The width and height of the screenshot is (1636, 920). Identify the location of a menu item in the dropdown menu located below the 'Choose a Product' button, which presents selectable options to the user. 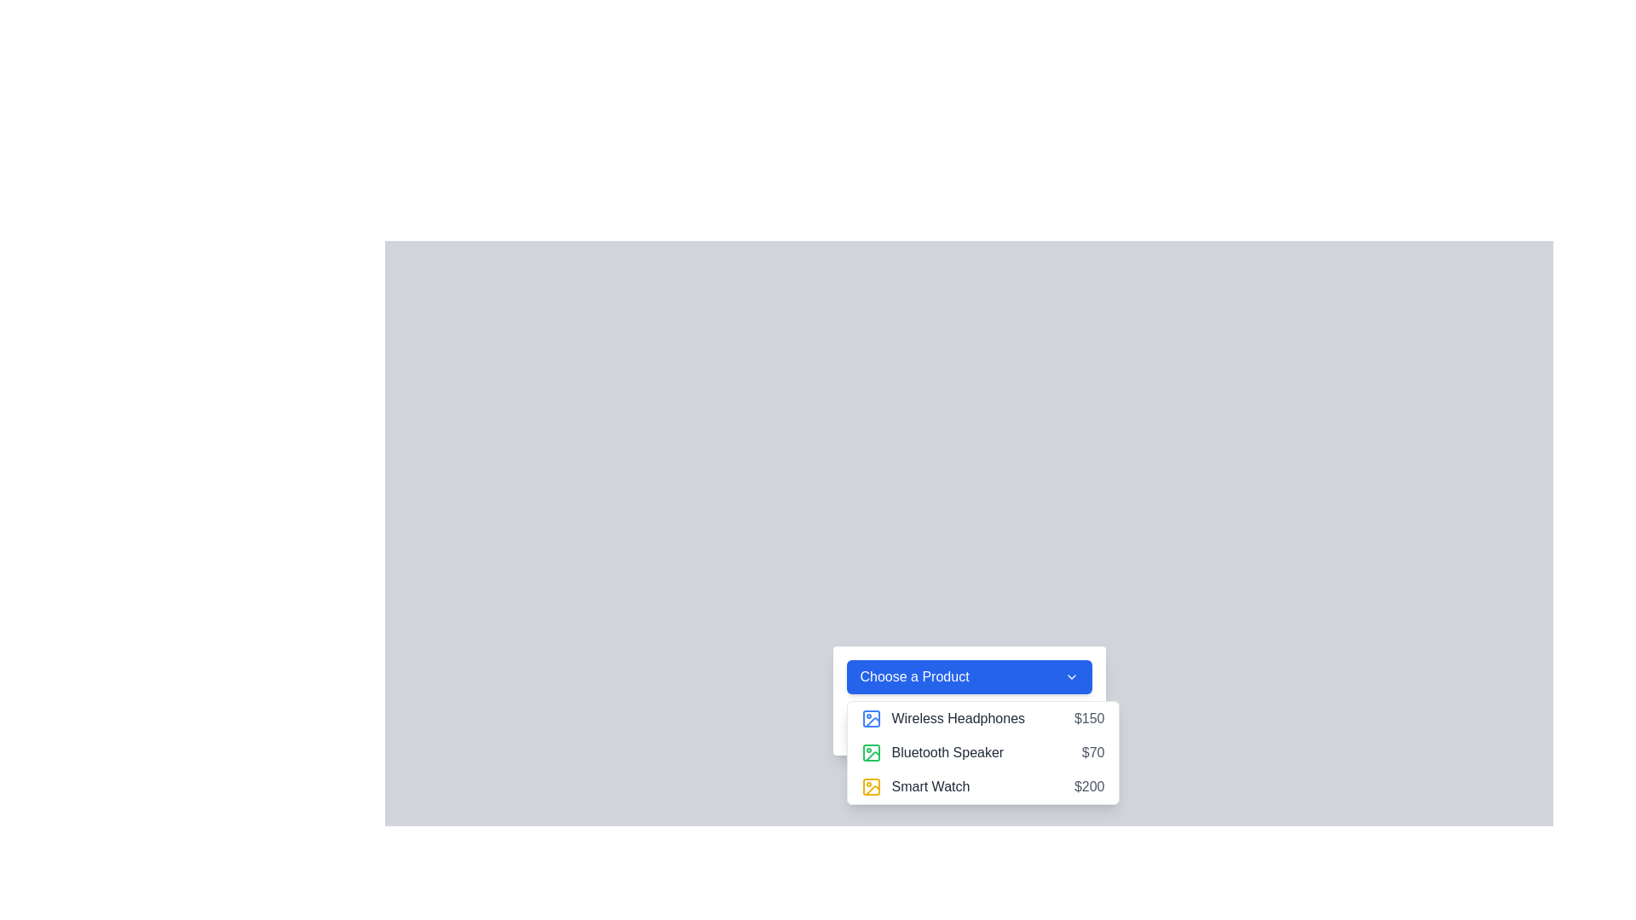
(982, 751).